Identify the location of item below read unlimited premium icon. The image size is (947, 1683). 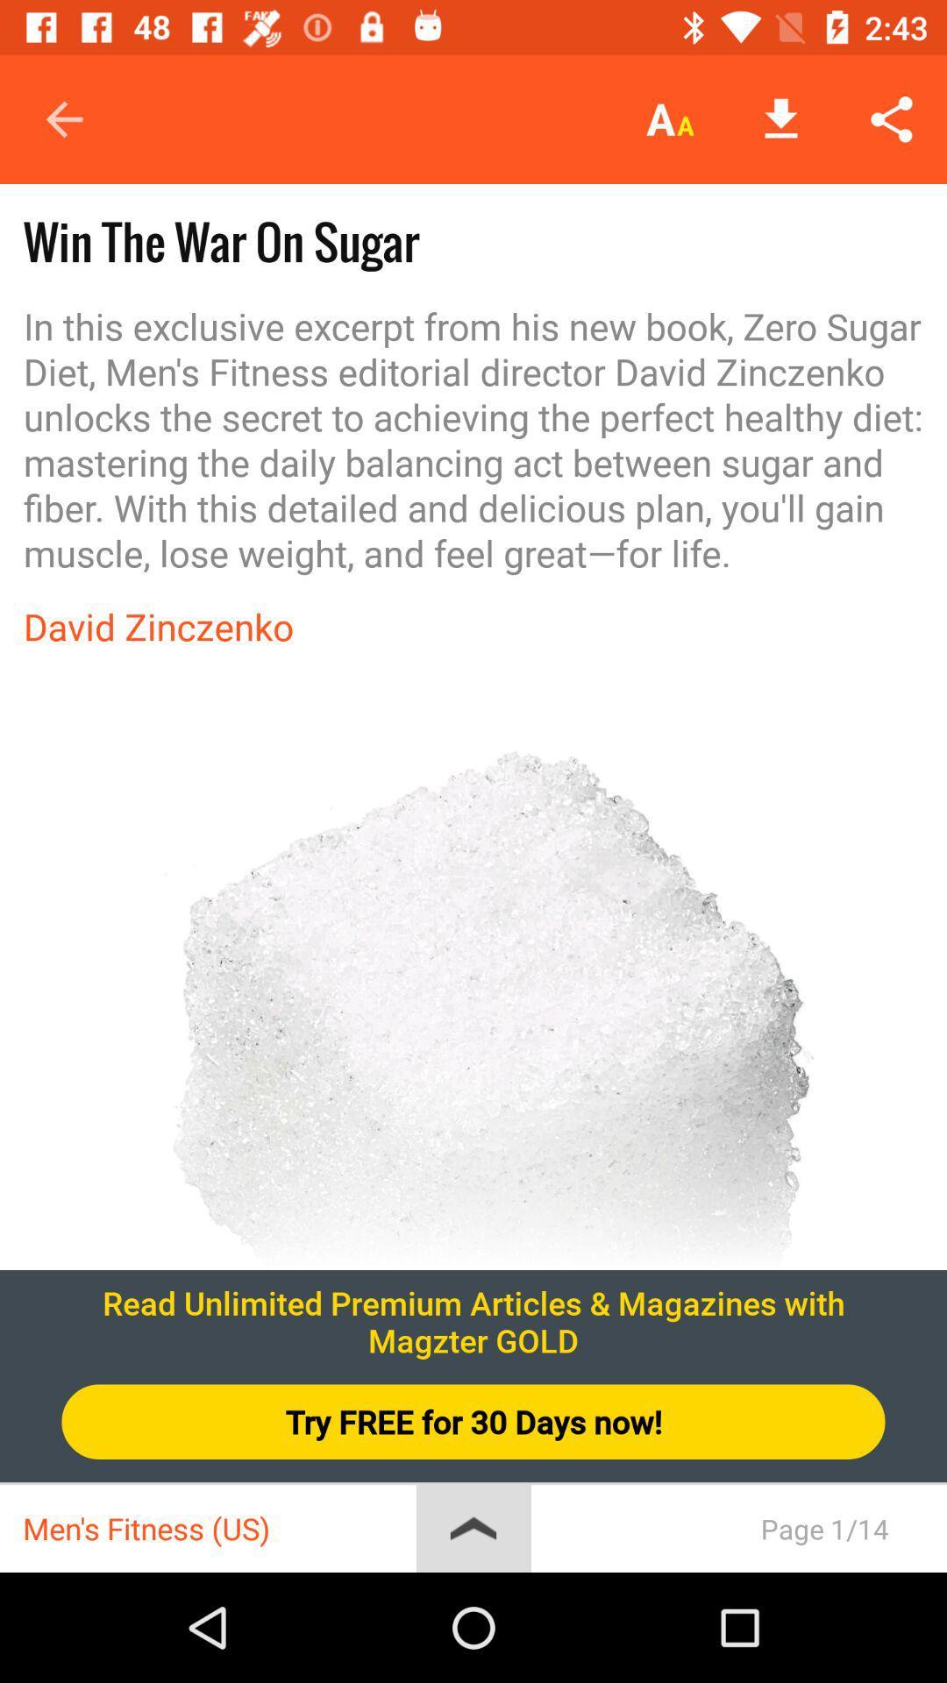
(473, 1422).